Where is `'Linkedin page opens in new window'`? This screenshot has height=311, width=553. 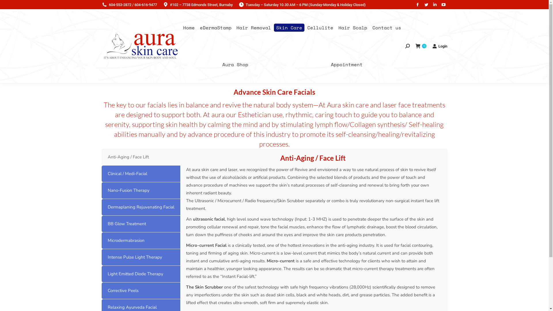 'Linkedin page opens in new window' is located at coordinates (434, 4).